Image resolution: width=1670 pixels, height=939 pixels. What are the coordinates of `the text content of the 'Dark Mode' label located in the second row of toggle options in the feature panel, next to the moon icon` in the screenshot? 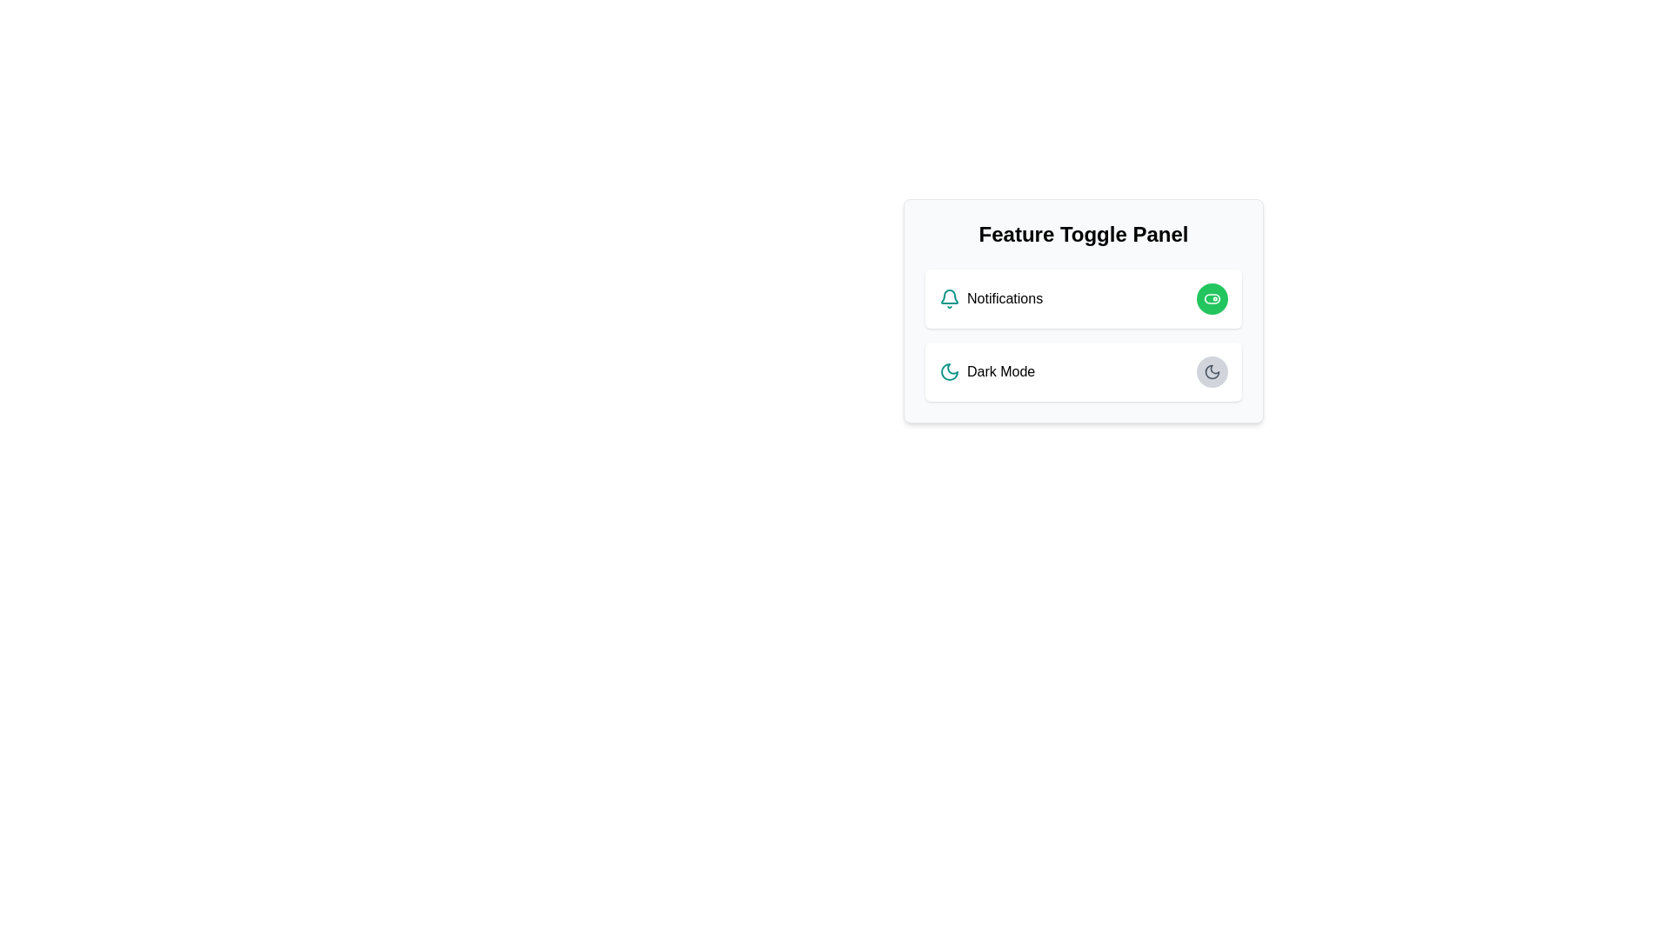 It's located at (1001, 371).